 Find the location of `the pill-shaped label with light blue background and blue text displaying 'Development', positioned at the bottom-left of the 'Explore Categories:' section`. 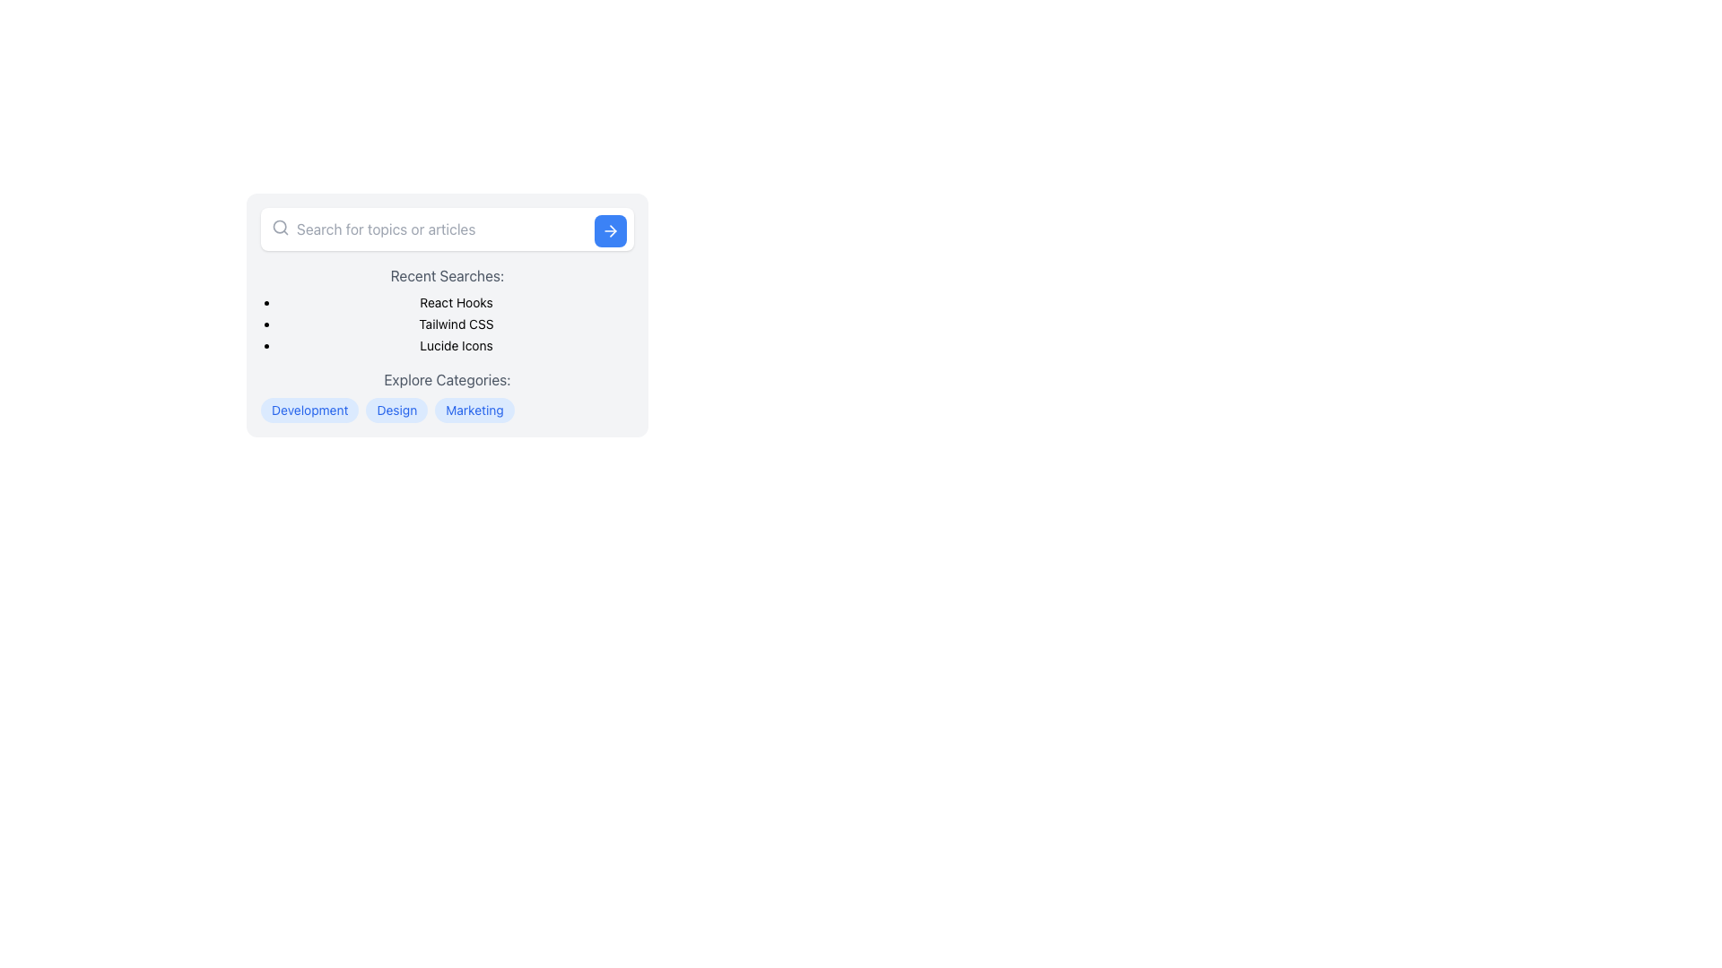

the pill-shaped label with light blue background and blue text displaying 'Development', positioned at the bottom-left of the 'Explore Categories:' section is located at coordinates (309, 411).